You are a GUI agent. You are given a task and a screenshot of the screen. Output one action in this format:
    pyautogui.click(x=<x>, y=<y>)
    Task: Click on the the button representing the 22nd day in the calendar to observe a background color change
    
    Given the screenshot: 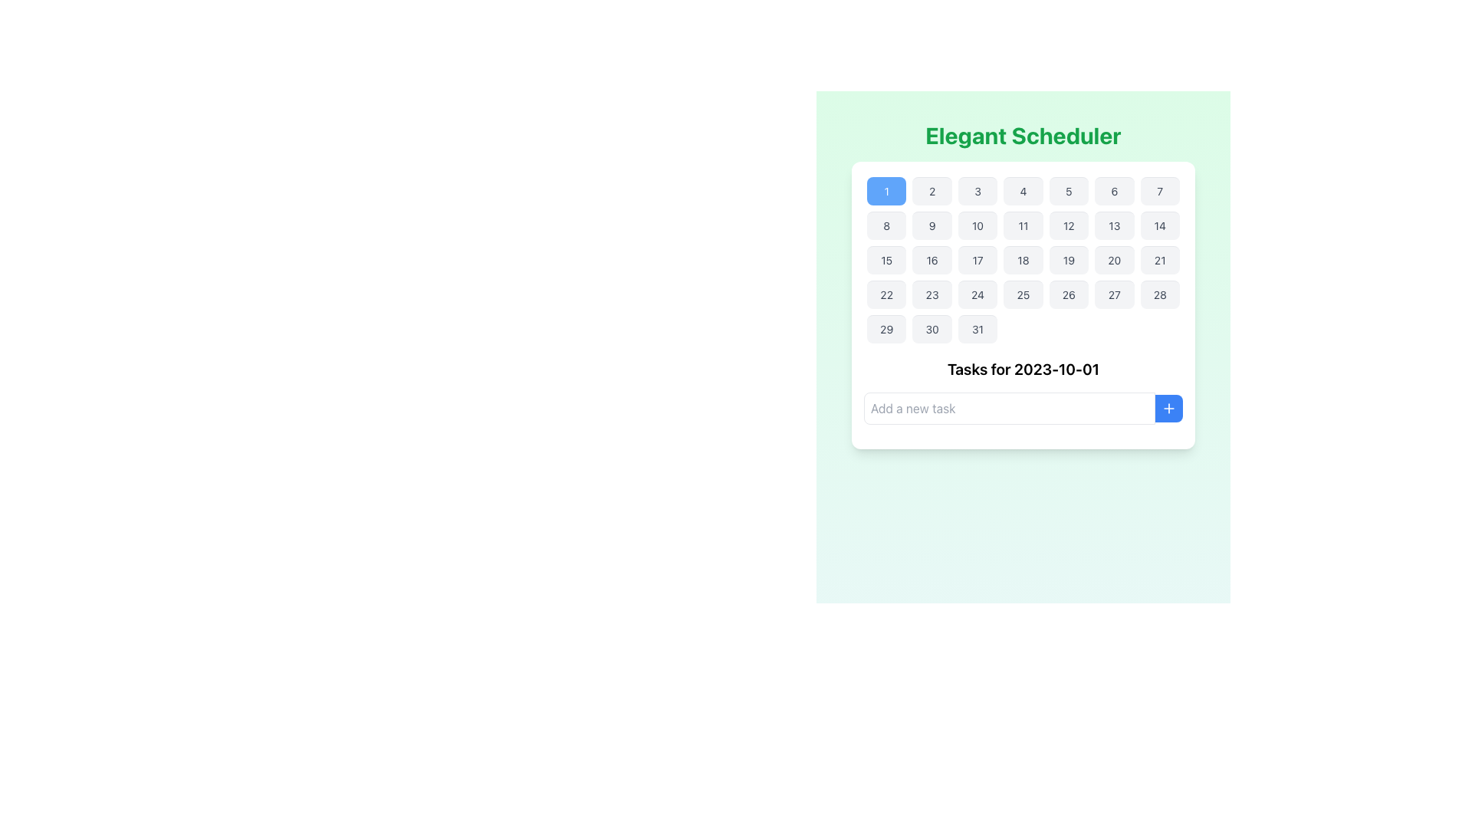 What is the action you would take?
    pyautogui.click(x=886, y=294)
    